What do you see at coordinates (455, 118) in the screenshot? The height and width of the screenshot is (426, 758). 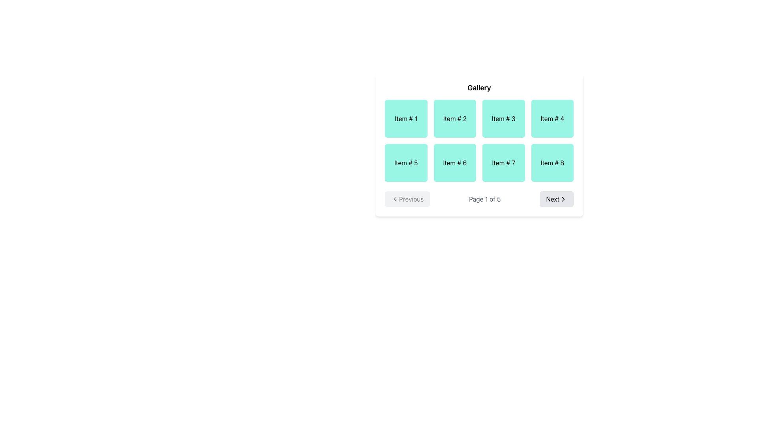 I see `text label that identifies the second item in the grid as 'Item # 2'` at bounding box center [455, 118].